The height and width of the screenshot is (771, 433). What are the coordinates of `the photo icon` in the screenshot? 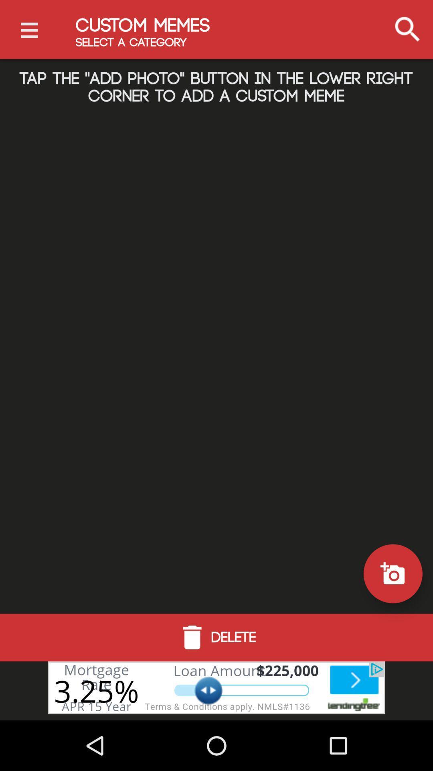 It's located at (393, 573).